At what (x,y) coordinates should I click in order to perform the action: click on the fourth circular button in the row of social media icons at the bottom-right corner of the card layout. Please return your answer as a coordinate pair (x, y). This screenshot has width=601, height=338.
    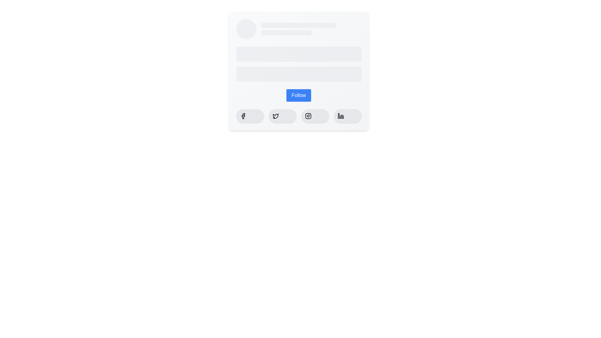
    Looking at the image, I should click on (347, 116).